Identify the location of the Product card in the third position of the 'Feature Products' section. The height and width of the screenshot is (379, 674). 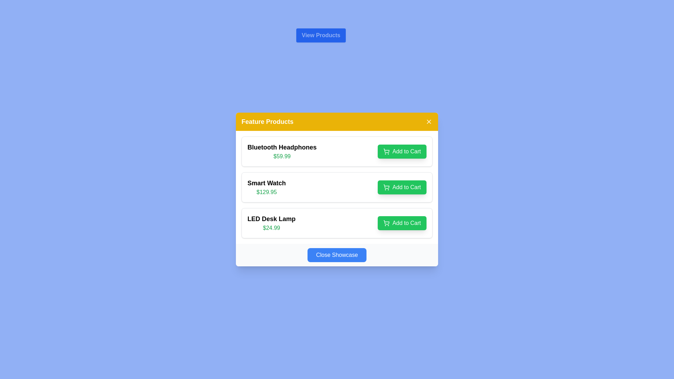
(337, 223).